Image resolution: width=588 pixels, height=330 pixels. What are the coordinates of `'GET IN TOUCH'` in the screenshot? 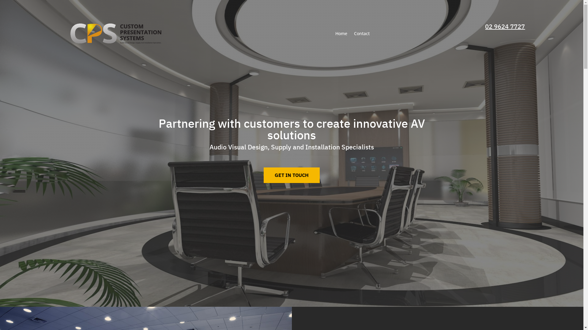 It's located at (291, 175).